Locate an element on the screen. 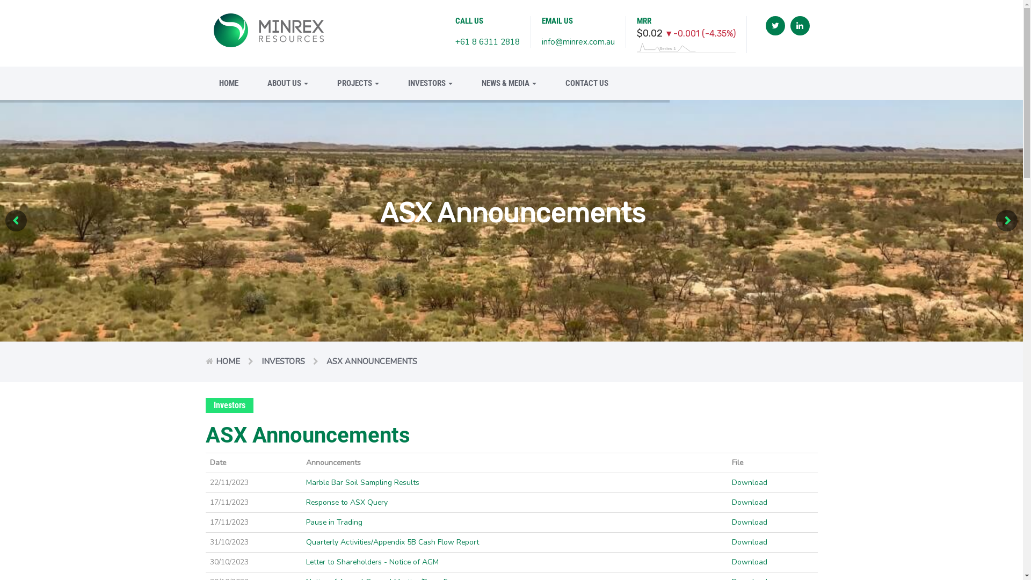 The height and width of the screenshot is (580, 1031). 'Response to ASX Query' is located at coordinates (306, 502).